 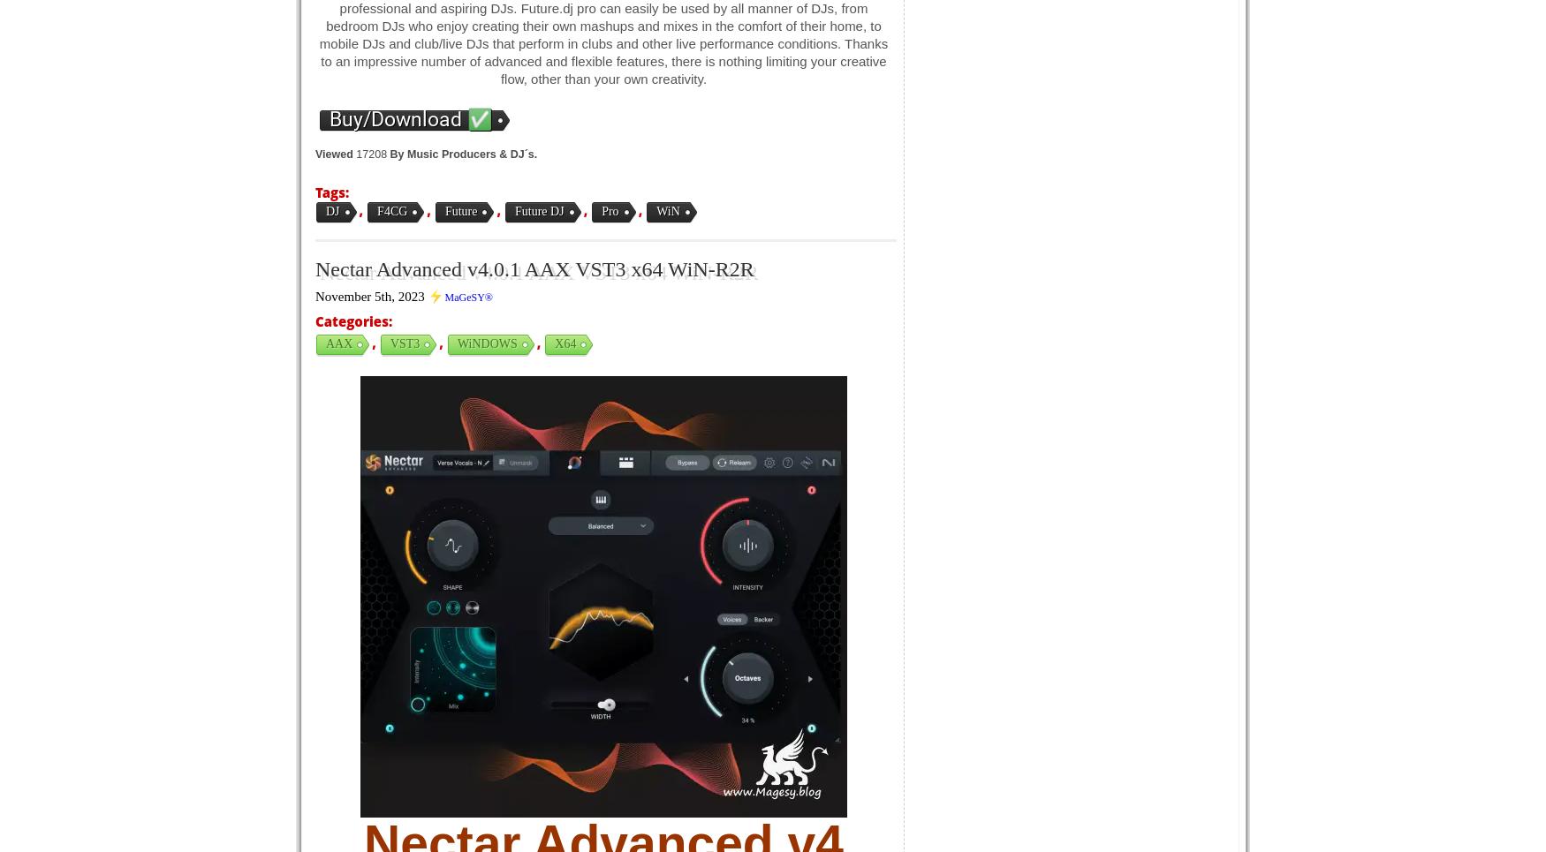 What do you see at coordinates (467, 297) in the screenshot?
I see `'MaGeSY®'` at bounding box center [467, 297].